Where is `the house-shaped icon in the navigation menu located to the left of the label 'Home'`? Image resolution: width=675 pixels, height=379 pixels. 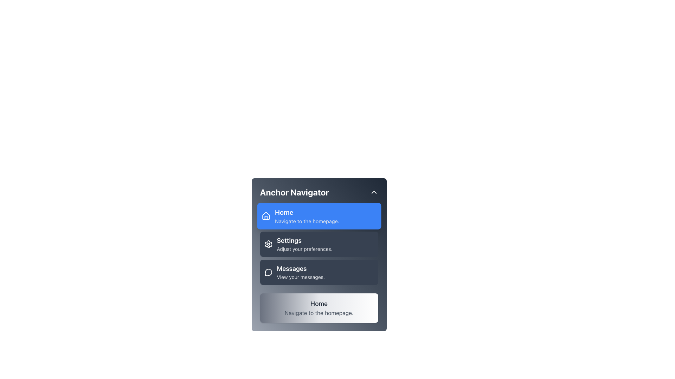
the house-shaped icon in the navigation menu located to the left of the label 'Home' is located at coordinates (265, 215).